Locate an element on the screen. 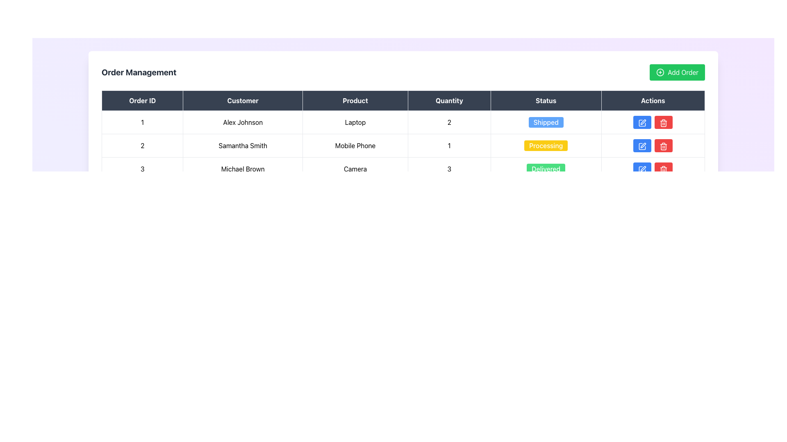  the delete action icon located inside the 'Actions' column of the third row of the table, which is nested within a red circular button is located at coordinates (664, 169).